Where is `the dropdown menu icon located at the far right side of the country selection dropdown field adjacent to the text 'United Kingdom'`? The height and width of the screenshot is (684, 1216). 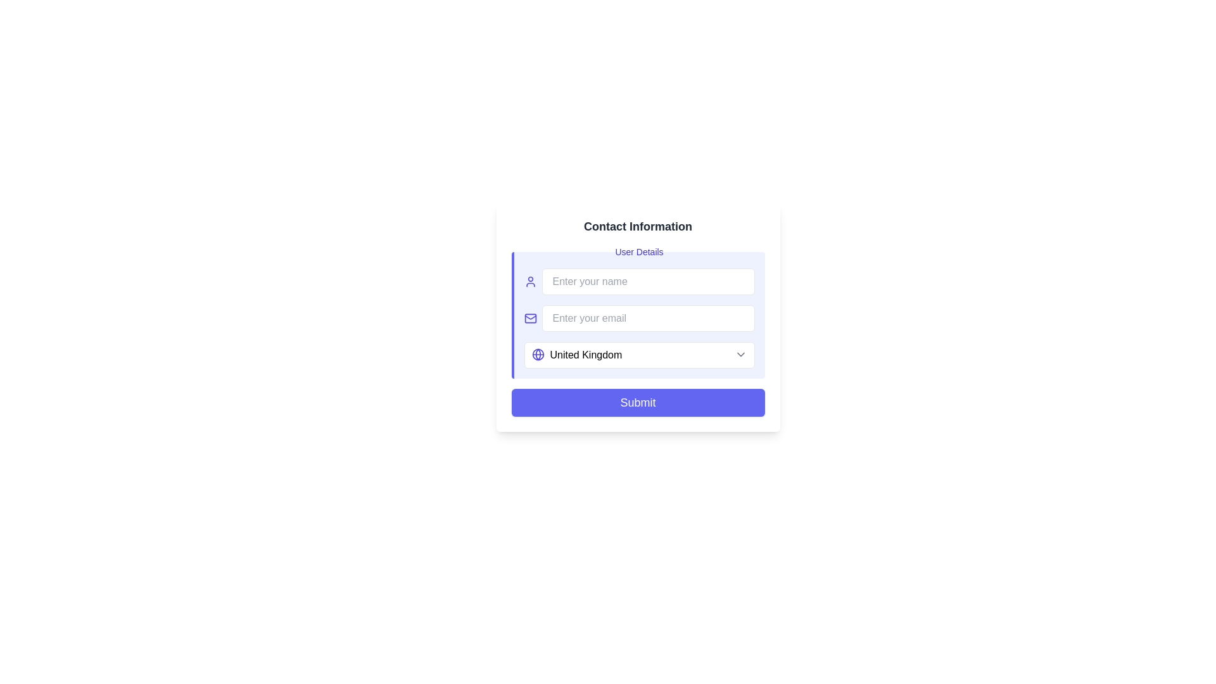
the dropdown menu icon located at the far right side of the country selection dropdown field adjacent to the text 'United Kingdom' is located at coordinates (740, 354).